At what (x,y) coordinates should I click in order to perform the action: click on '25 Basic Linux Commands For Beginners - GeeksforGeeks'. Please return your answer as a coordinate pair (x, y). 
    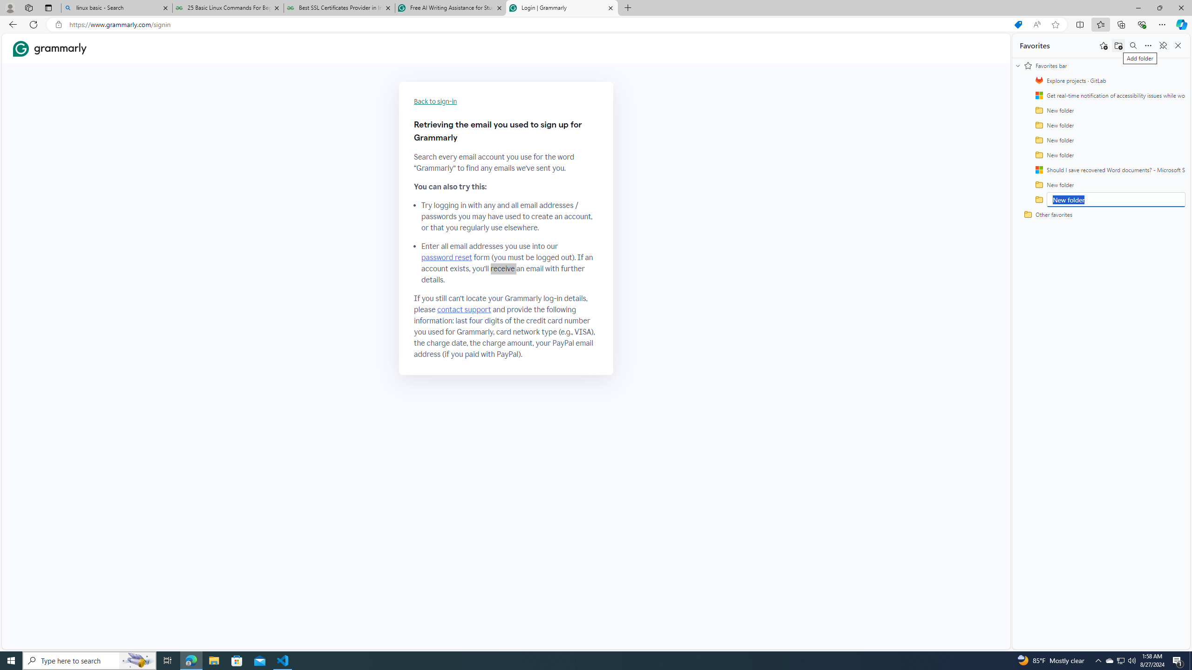
    Looking at the image, I should click on (227, 7).